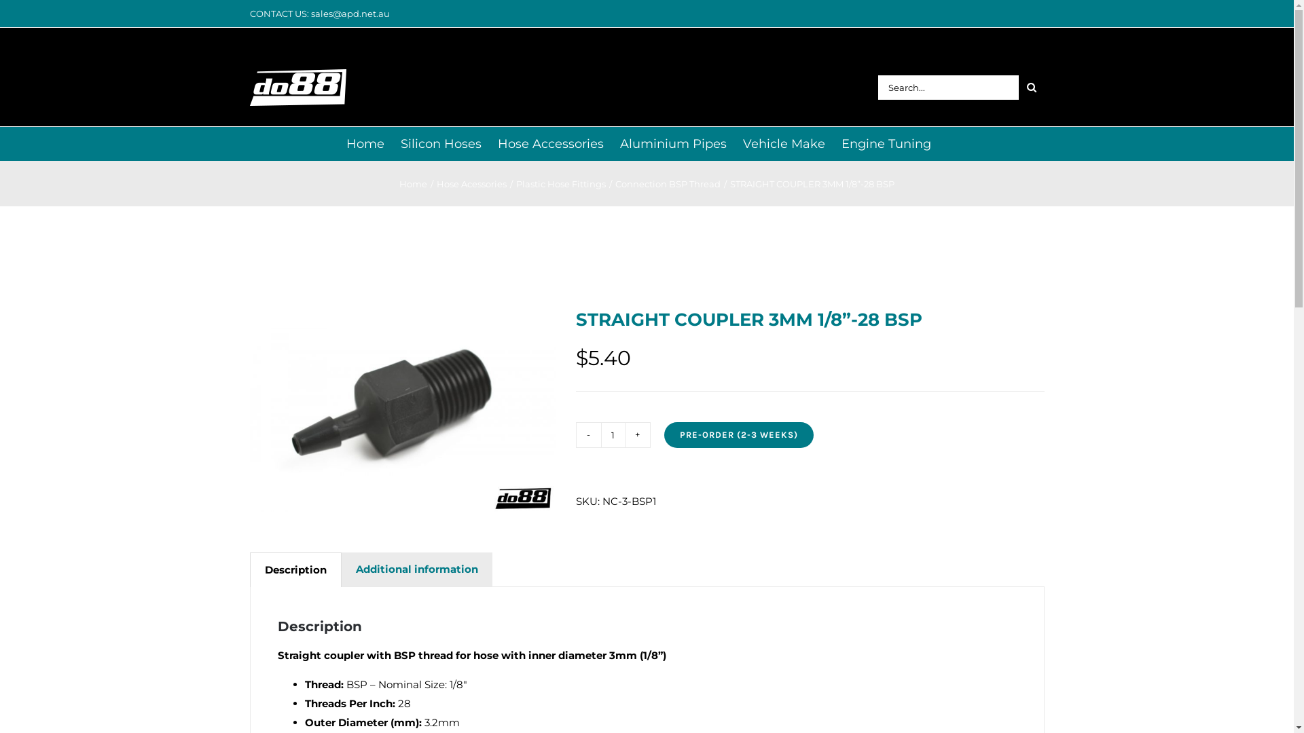 The width and height of the screenshot is (1304, 733). Describe the element at coordinates (738, 434) in the screenshot. I see `'PRE-ORDER (2-3 WEEKS)'` at that location.